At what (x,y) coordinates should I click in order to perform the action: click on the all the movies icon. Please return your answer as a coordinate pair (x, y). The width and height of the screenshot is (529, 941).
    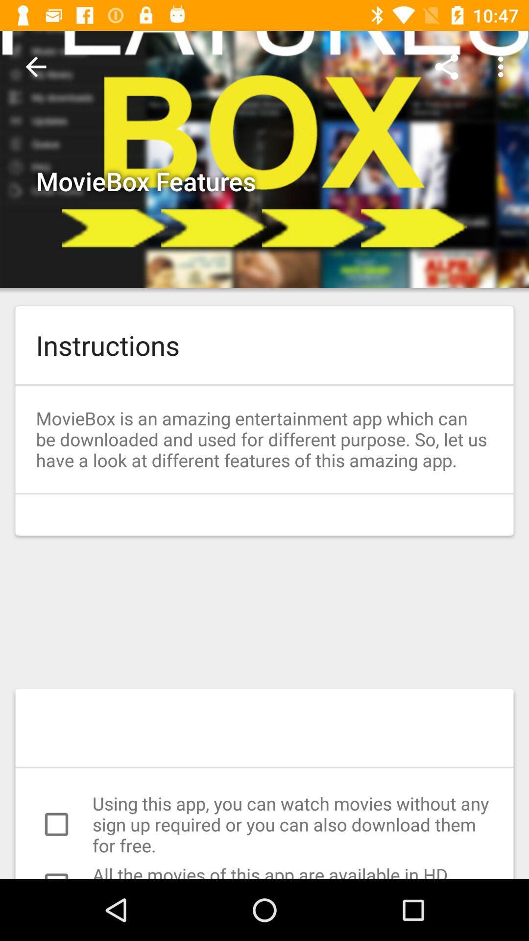
    Looking at the image, I should click on (264, 871).